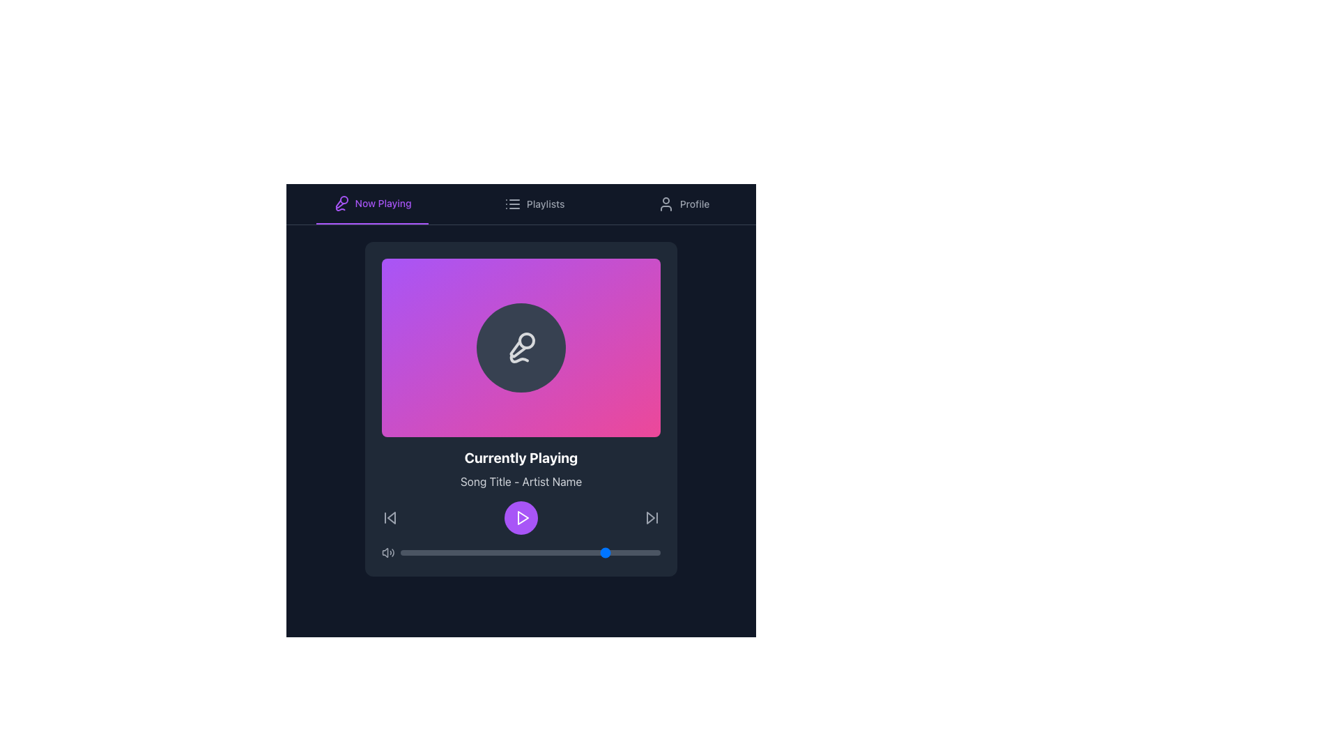 This screenshot has height=753, width=1338. I want to click on the 'Playlists' button in the navigation bar, so click(521, 204).